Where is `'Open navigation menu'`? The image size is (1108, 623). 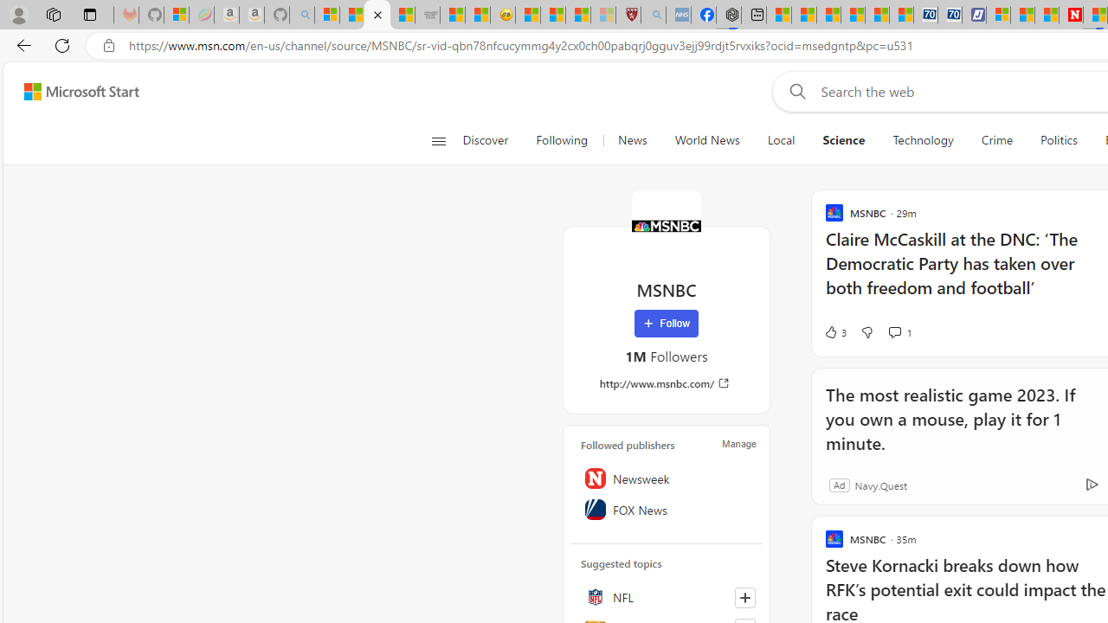
'Open navigation menu' is located at coordinates (438, 140).